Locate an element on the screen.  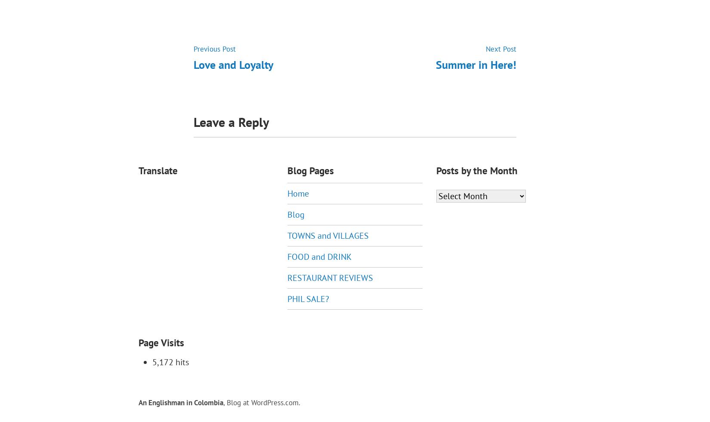
'PHIL SALE?' is located at coordinates (308, 299).